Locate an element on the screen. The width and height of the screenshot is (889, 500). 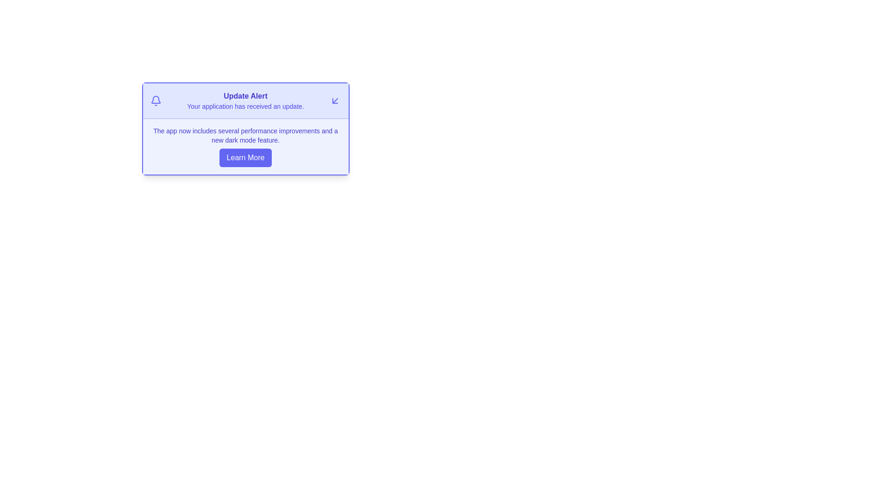
the bell icon to focus on it is located at coordinates (156, 101).